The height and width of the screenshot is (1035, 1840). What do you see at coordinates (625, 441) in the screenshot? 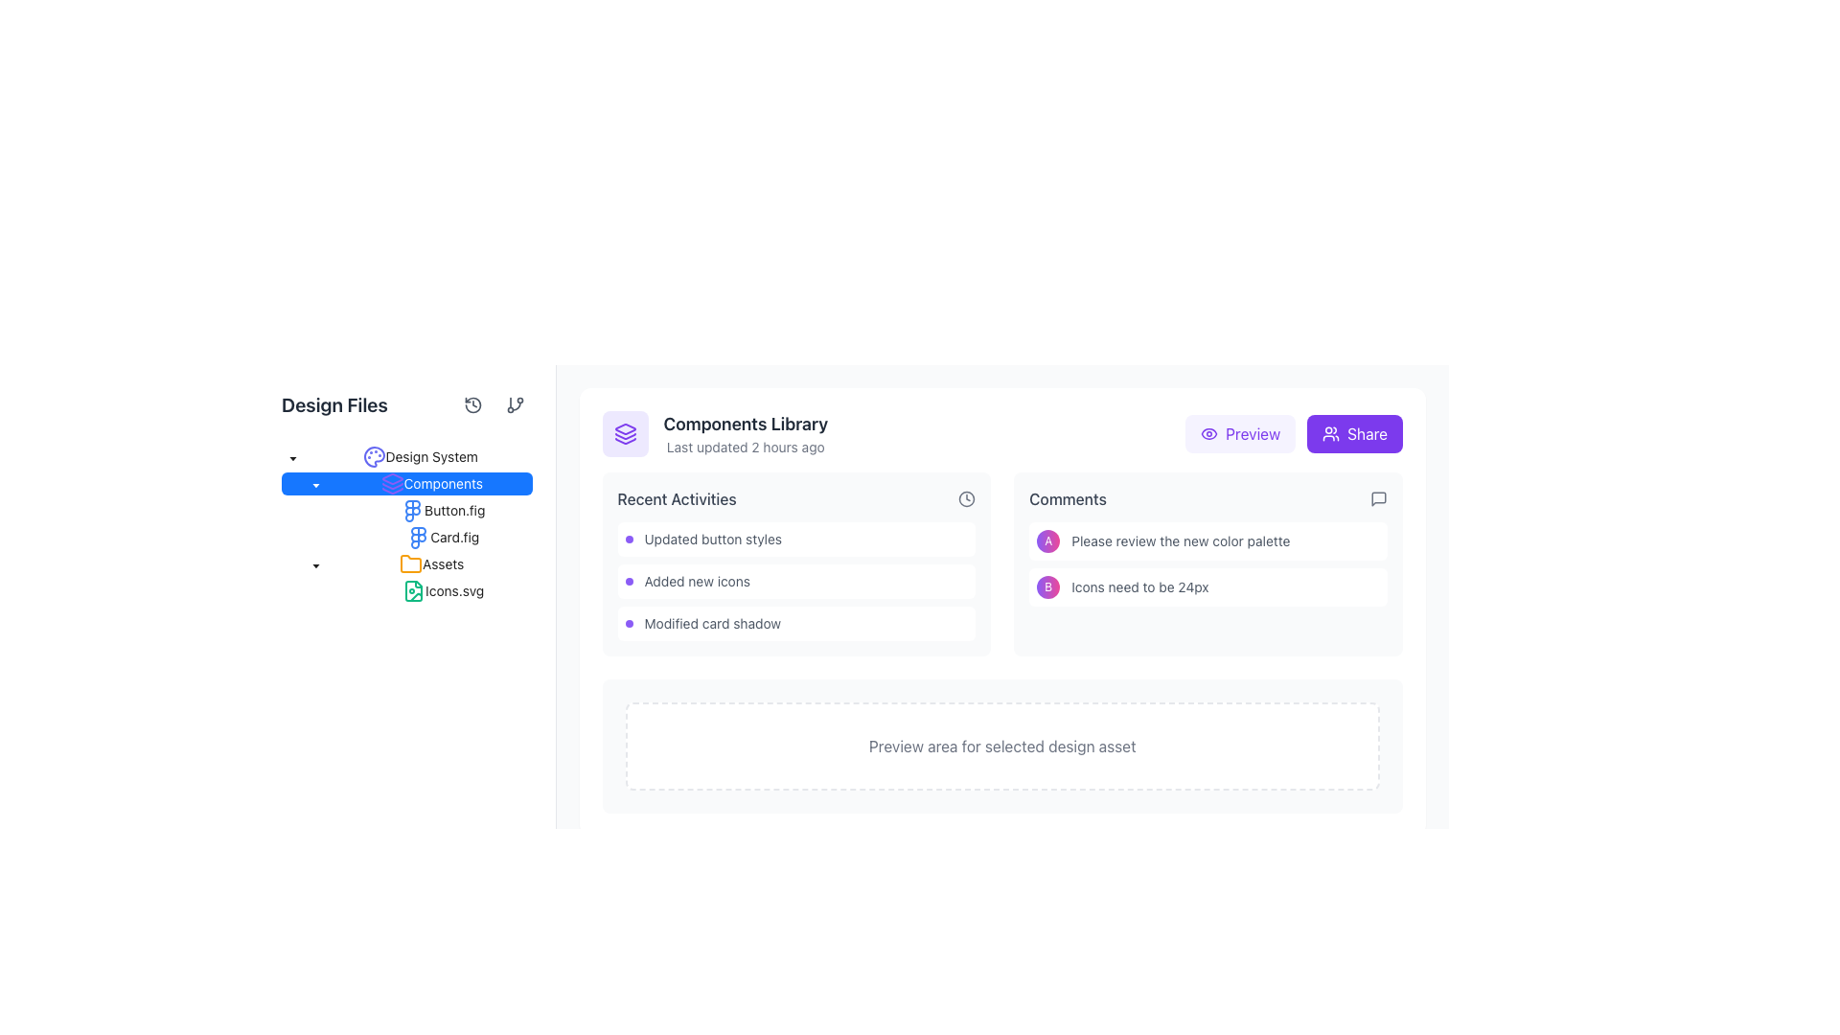
I see `the third and bottom-most triangular shape inside the purple-stylized stack icon located on the left-hand side of the 'Components Library' header` at bounding box center [625, 441].